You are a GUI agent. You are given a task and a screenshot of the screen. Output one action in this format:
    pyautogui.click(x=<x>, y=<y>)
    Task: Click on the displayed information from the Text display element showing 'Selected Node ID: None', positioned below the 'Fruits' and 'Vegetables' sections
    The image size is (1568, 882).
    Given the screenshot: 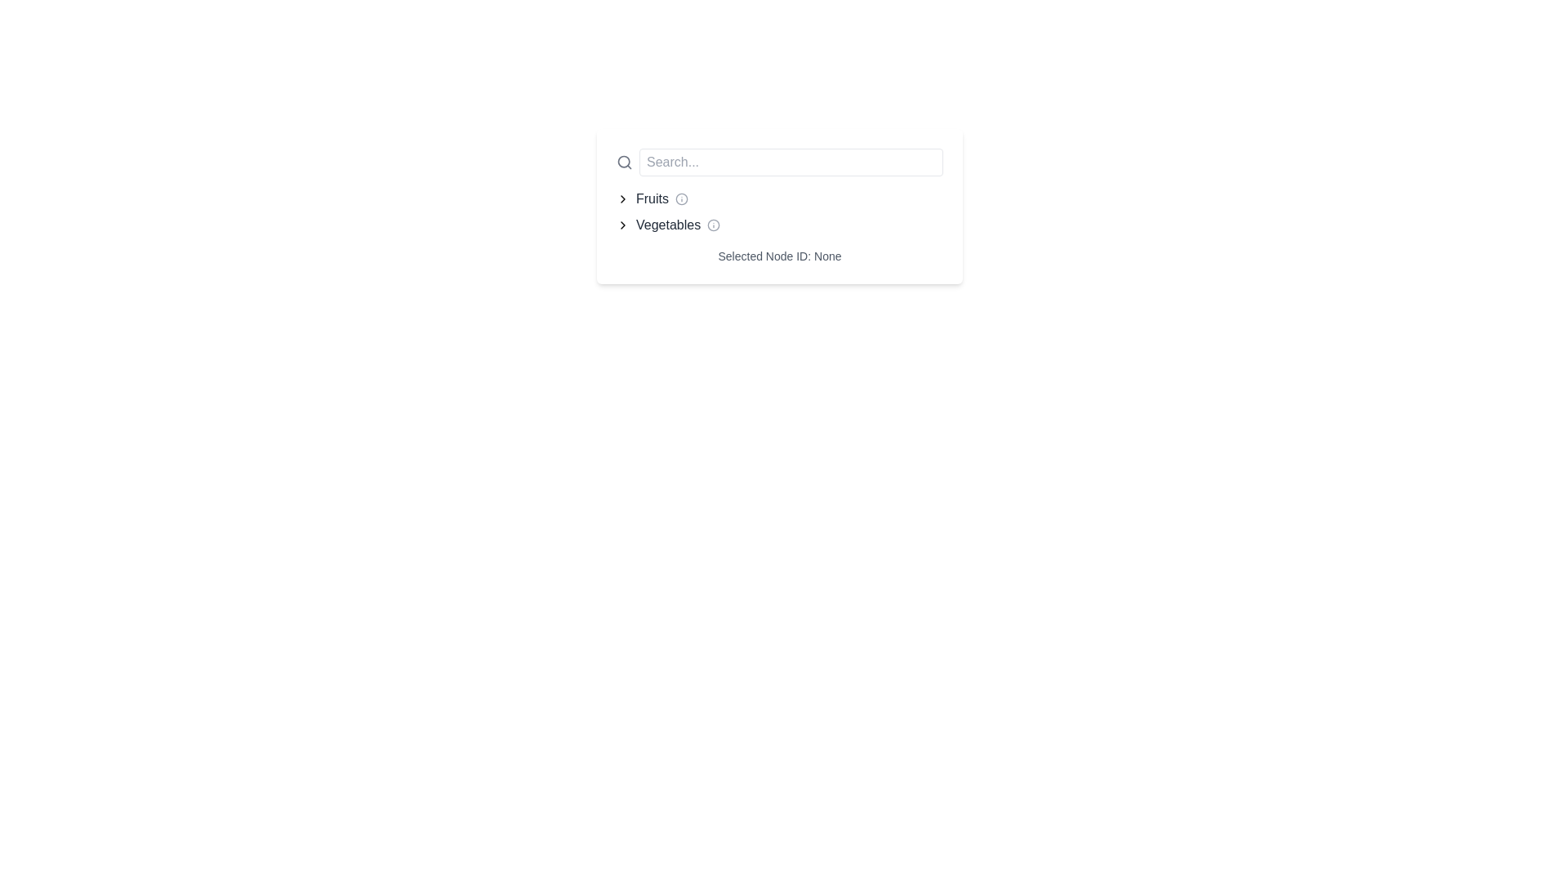 What is the action you would take?
    pyautogui.click(x=779, y=256)
    